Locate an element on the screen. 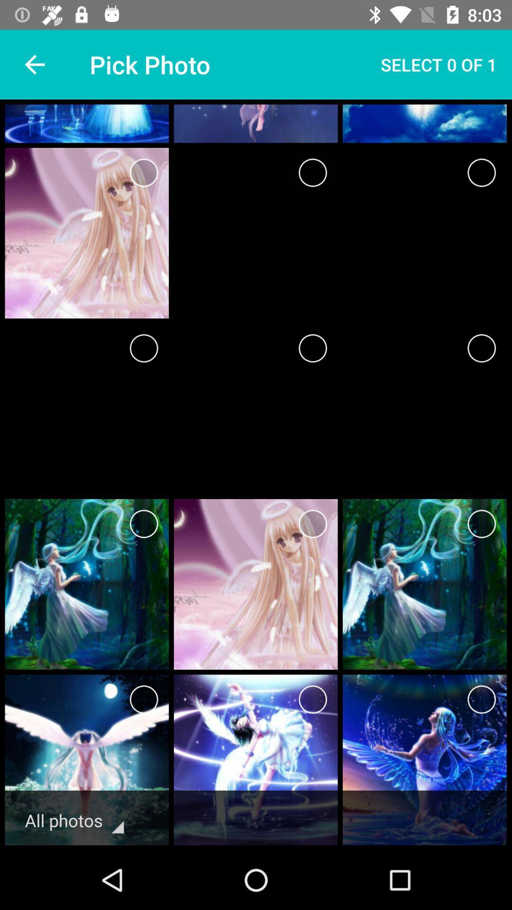 The width and height of the screenshot is (512, 910). button is located at coordinates (312, 173).